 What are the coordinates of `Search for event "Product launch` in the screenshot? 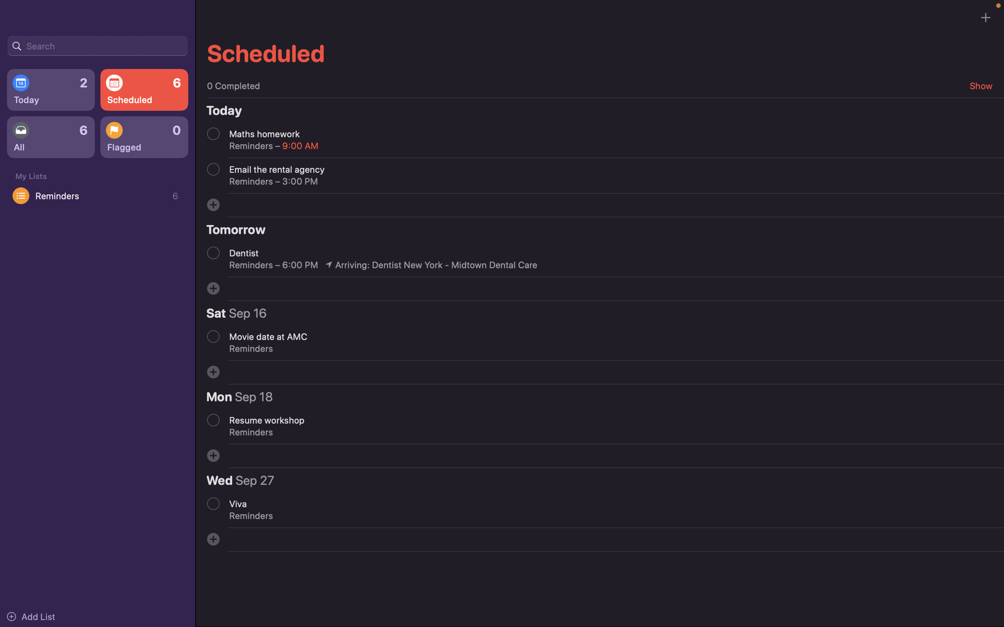 It's located at (97, 45).